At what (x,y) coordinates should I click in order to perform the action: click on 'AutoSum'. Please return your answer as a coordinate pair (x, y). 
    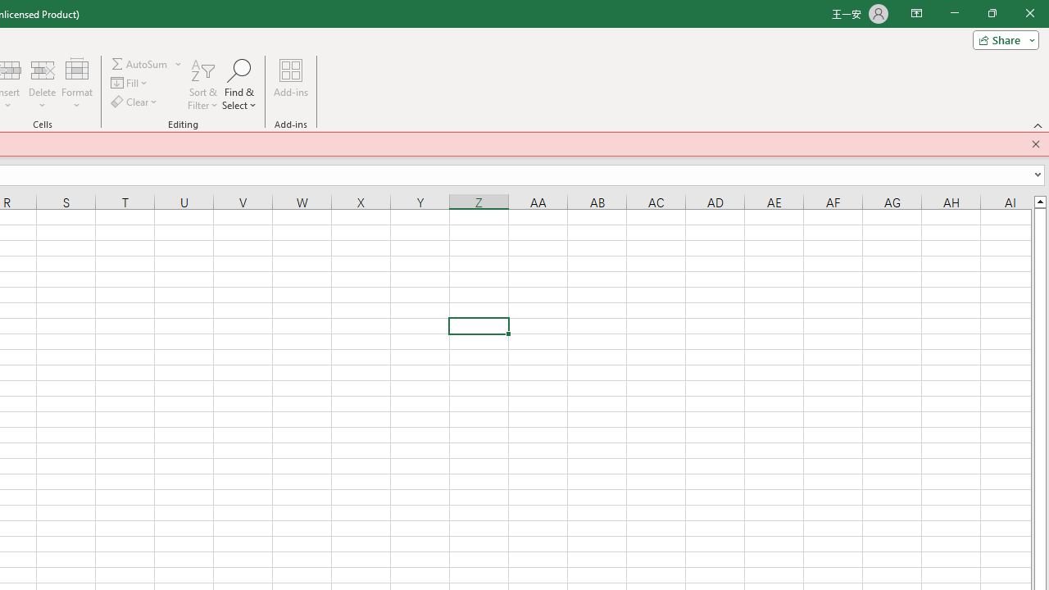
    Looking at the image, I should click on (147, 63).